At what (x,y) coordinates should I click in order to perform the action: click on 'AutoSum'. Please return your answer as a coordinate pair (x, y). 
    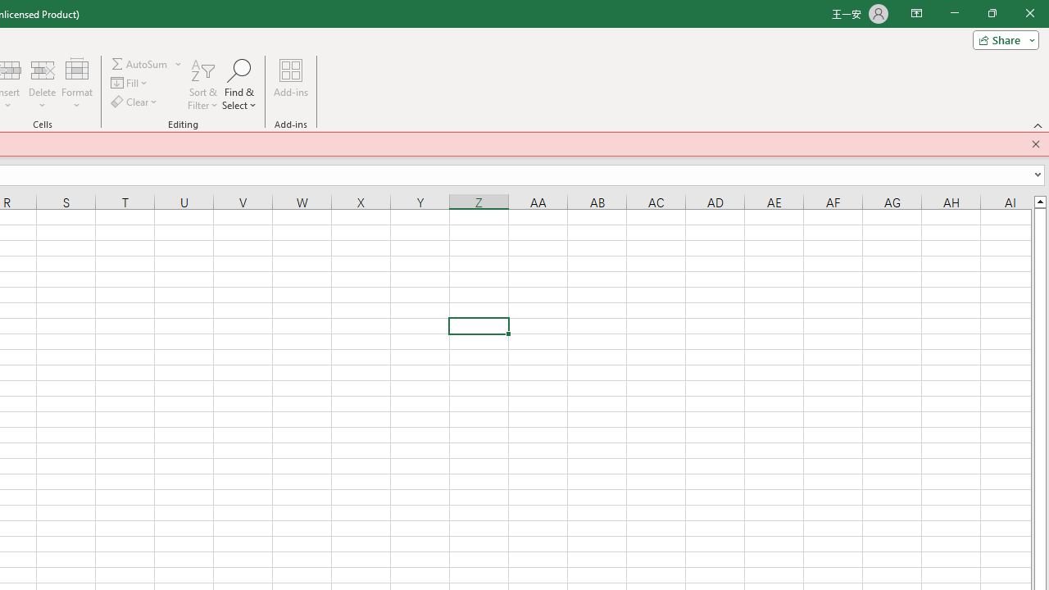
    Looking at the image, I should click on (147, 63).